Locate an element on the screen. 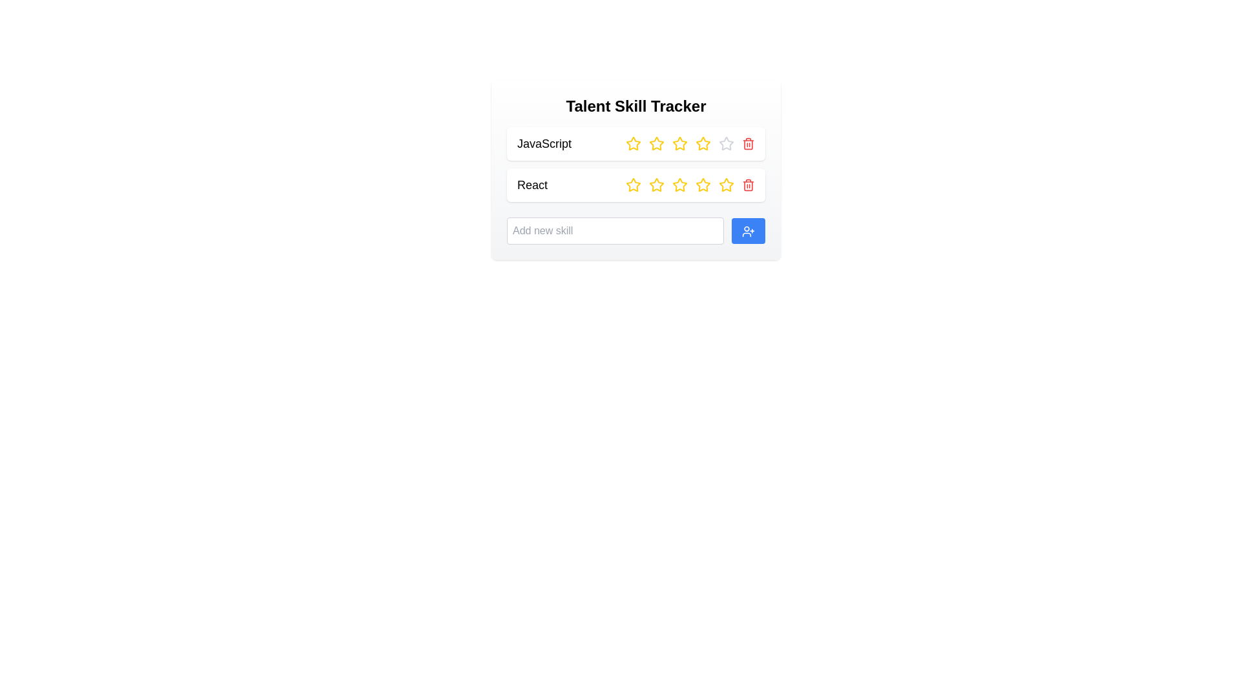 Image resolution: width=1240 pixels, height=697 pixels. the third star in the 'React' rating row to adjust the rating to three stars is located at coordinates (679, 185).